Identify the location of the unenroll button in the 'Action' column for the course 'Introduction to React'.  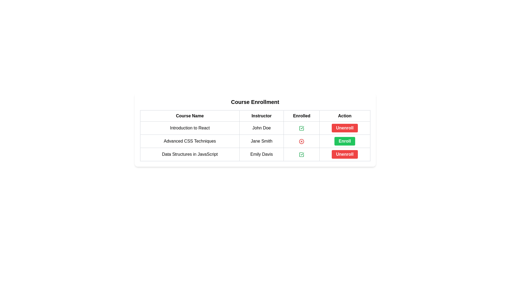
(345, 128).